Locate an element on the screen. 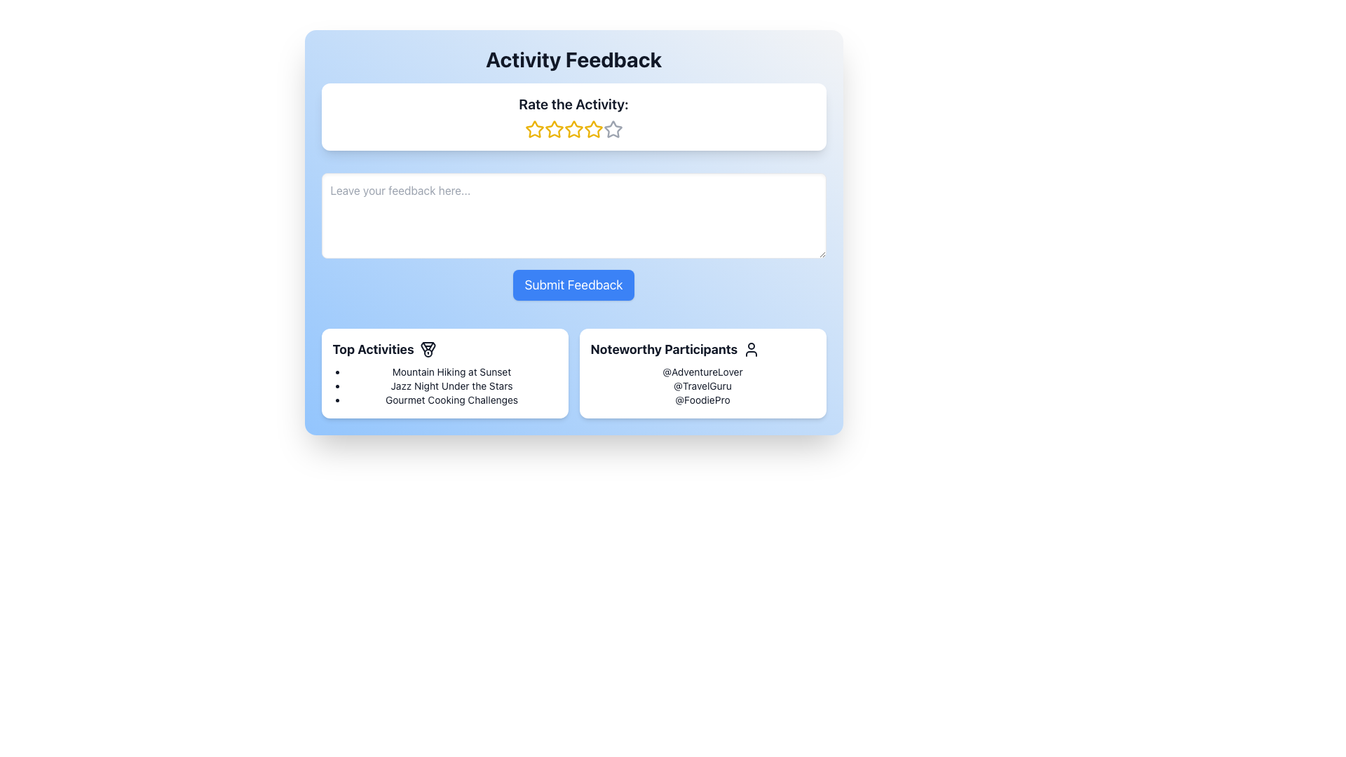  the decorative graphic (SVG) located to the left of the 'Top Activities' text label in the bottom-left card of the layout interface is located at coordinates (427, 347).